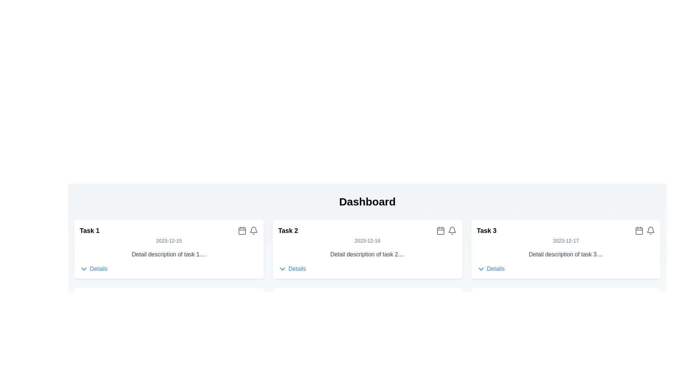 This screenshot has width=693, height=390. I want to click on the task summary card for Task 2, so click(367, 249).